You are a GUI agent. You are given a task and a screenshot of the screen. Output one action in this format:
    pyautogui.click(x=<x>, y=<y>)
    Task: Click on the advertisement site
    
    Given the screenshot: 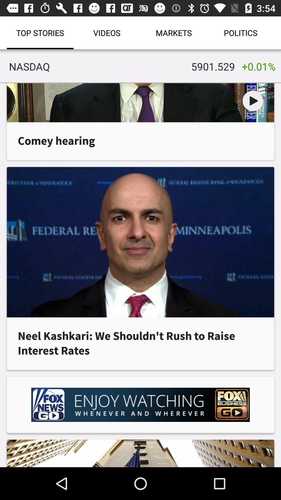 What is the action you would take?
    pyautogui.click(x=140, y=404)
    